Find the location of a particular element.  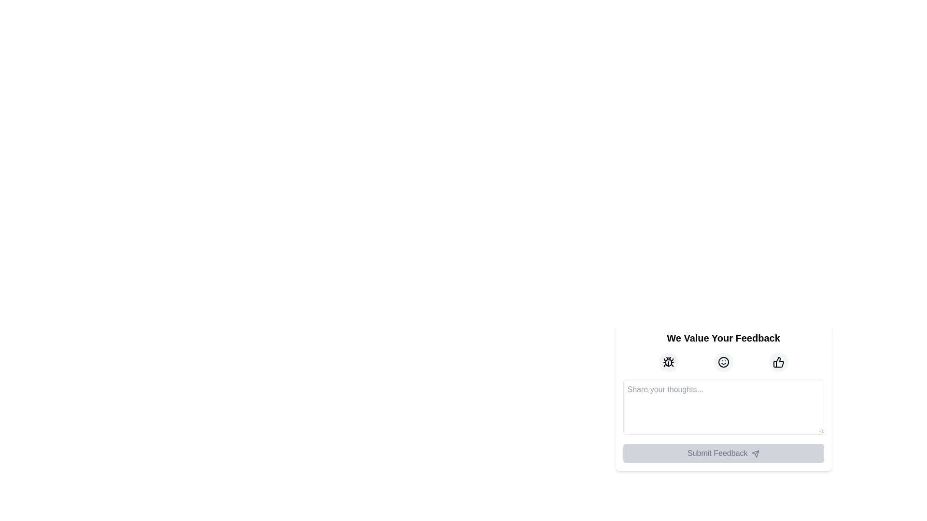

the smiley face icon located in the middle of a row of three icons at the top of the feedback form, which is the second icon from the left is located at coordinates (723, 362).